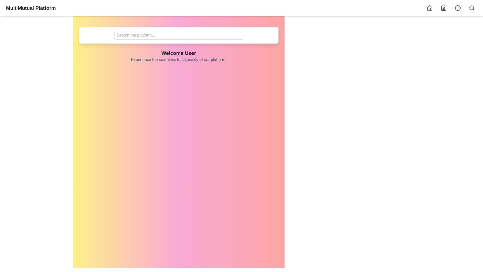 The image size is (483, 272). I want to click on the home button to navigate, so click(429, 8).